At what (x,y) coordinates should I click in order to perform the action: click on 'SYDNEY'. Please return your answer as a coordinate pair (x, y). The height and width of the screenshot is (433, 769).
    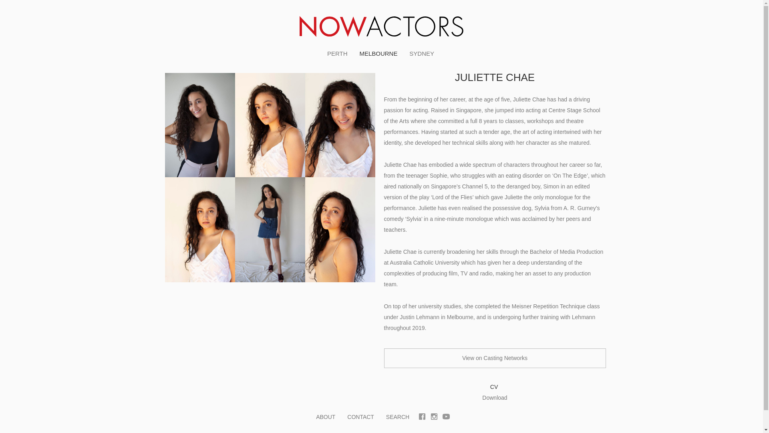
    Looking at the image, I should click on (421, 53).